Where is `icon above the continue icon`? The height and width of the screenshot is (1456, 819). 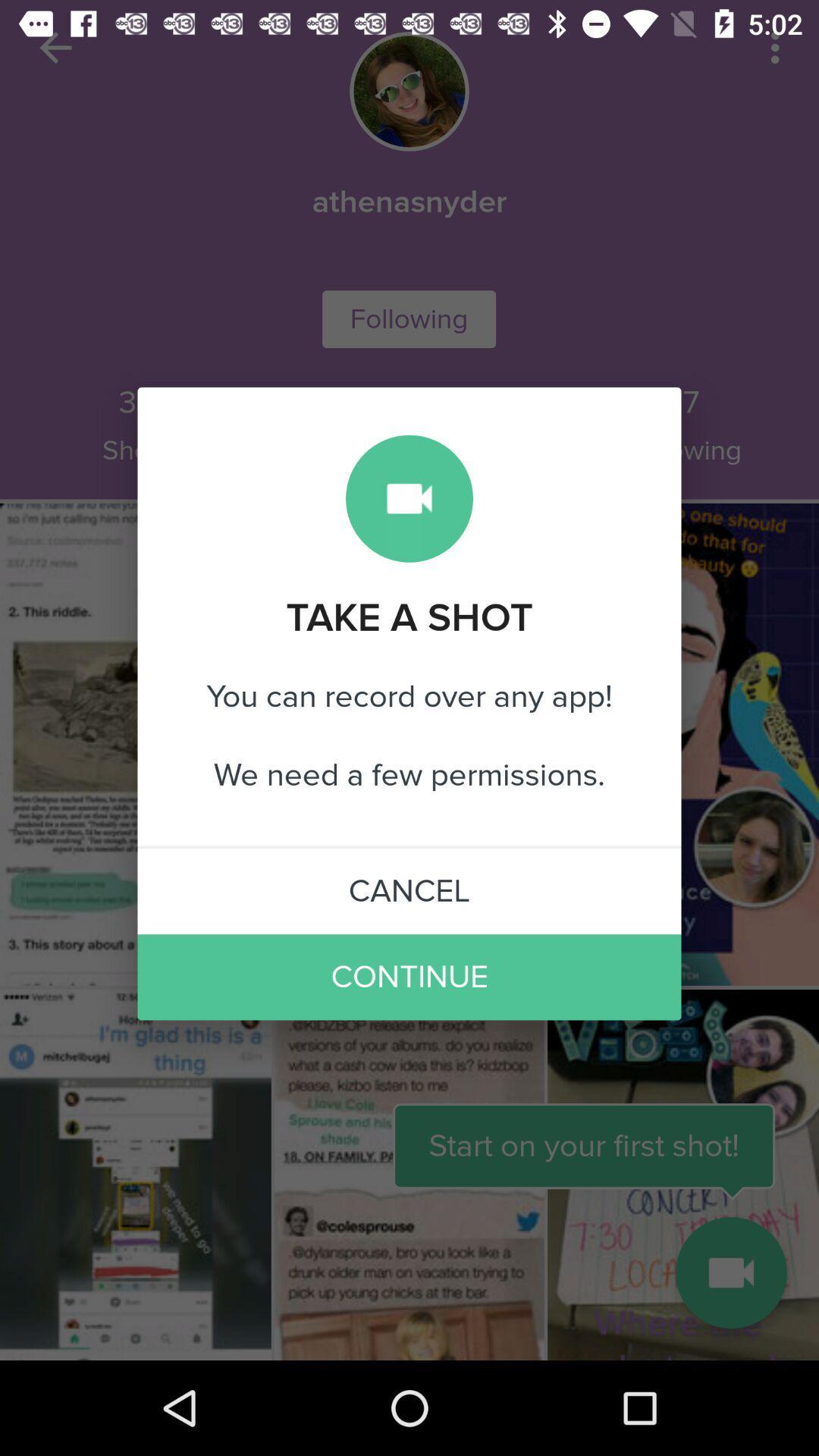 icon above the continue icon is located at coordinates (409, 891).